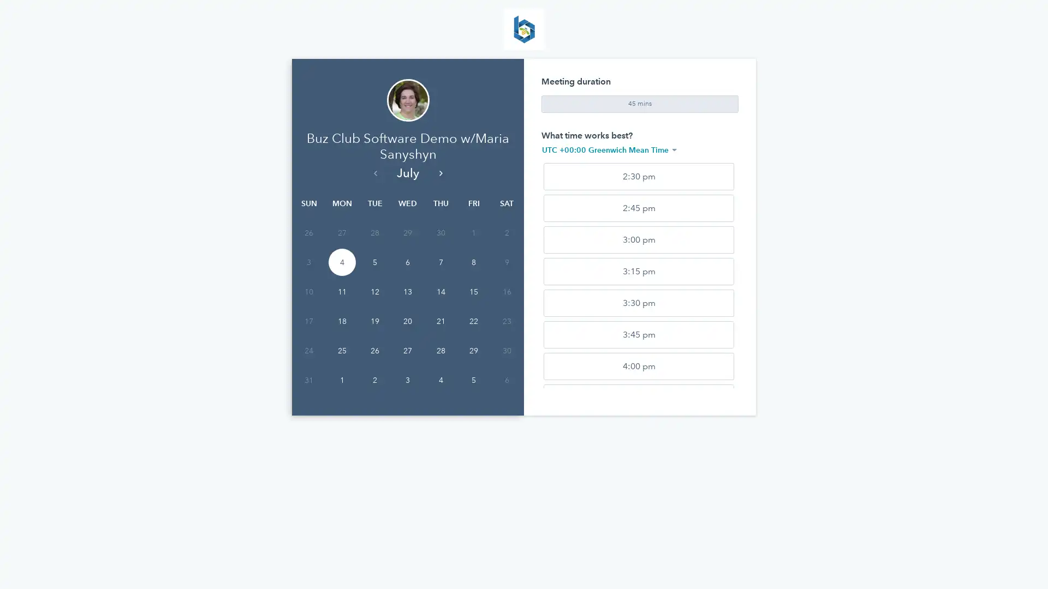 Image resolution: width=1048 pixels, height=589 pixels. What do you see at coordinates (308, 351) in the screenshot?
I see `July 24th` at bounding box center [308, 351].